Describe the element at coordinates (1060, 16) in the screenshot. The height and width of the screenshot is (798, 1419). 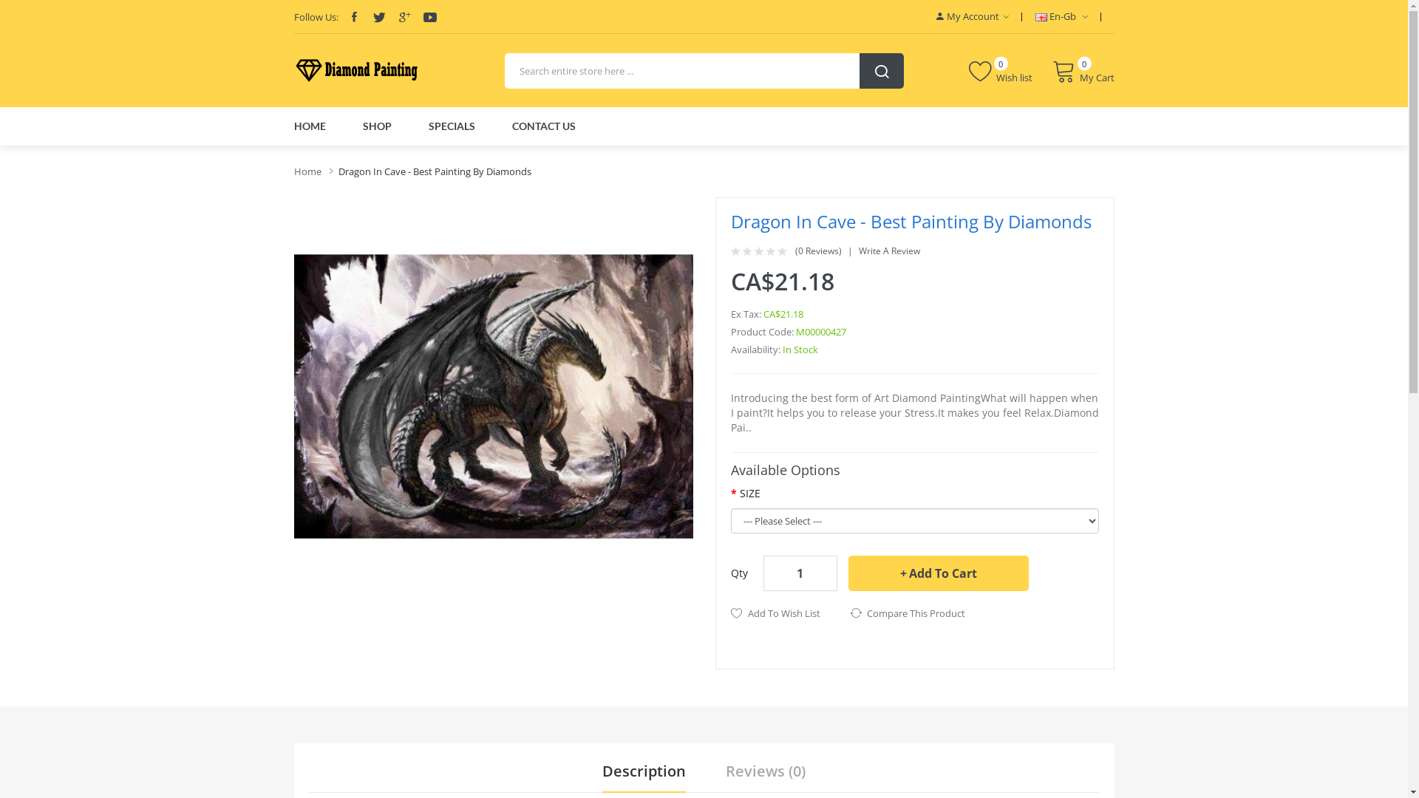
I see `'En-Gb'` at that location.